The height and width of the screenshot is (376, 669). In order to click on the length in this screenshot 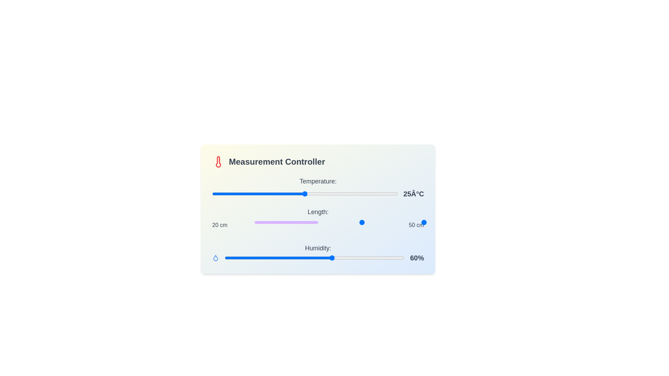, I will do `click(403, 222)`.